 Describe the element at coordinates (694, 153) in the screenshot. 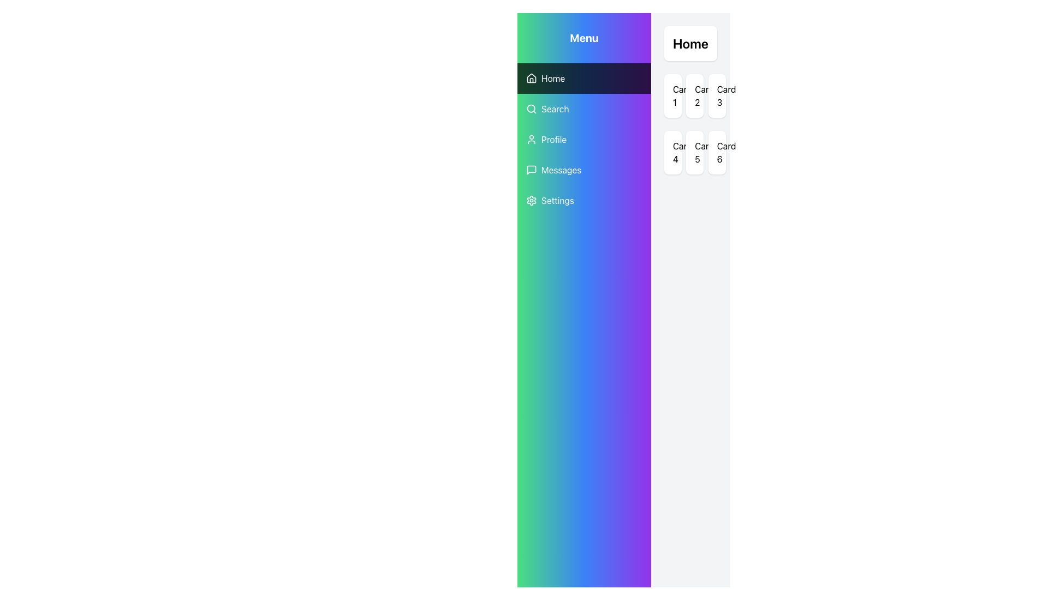

I see `the visual content card located in the second row, second column of the grid to interact with it` at that location.